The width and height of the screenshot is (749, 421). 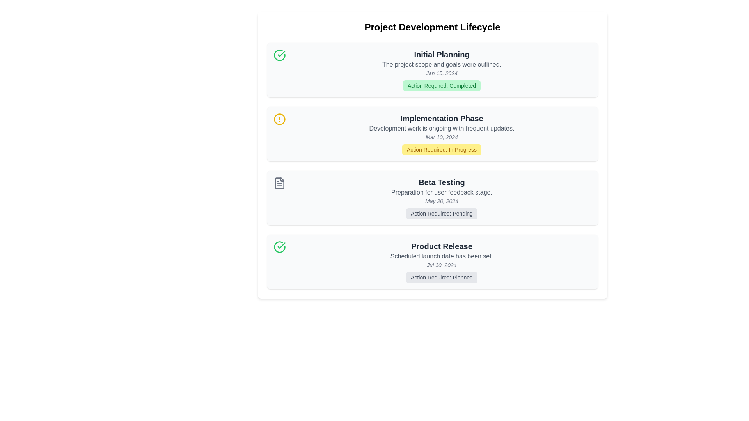 What do you see at coordinates (442, 128) in the screenshot?
I see `the Static Text displaying 'Development work is ongoing with frequent updates.' which is located below the 'Implementation Phase' title in the 'Project Development Lifecycle' interface` at bounding box center [442, 128].